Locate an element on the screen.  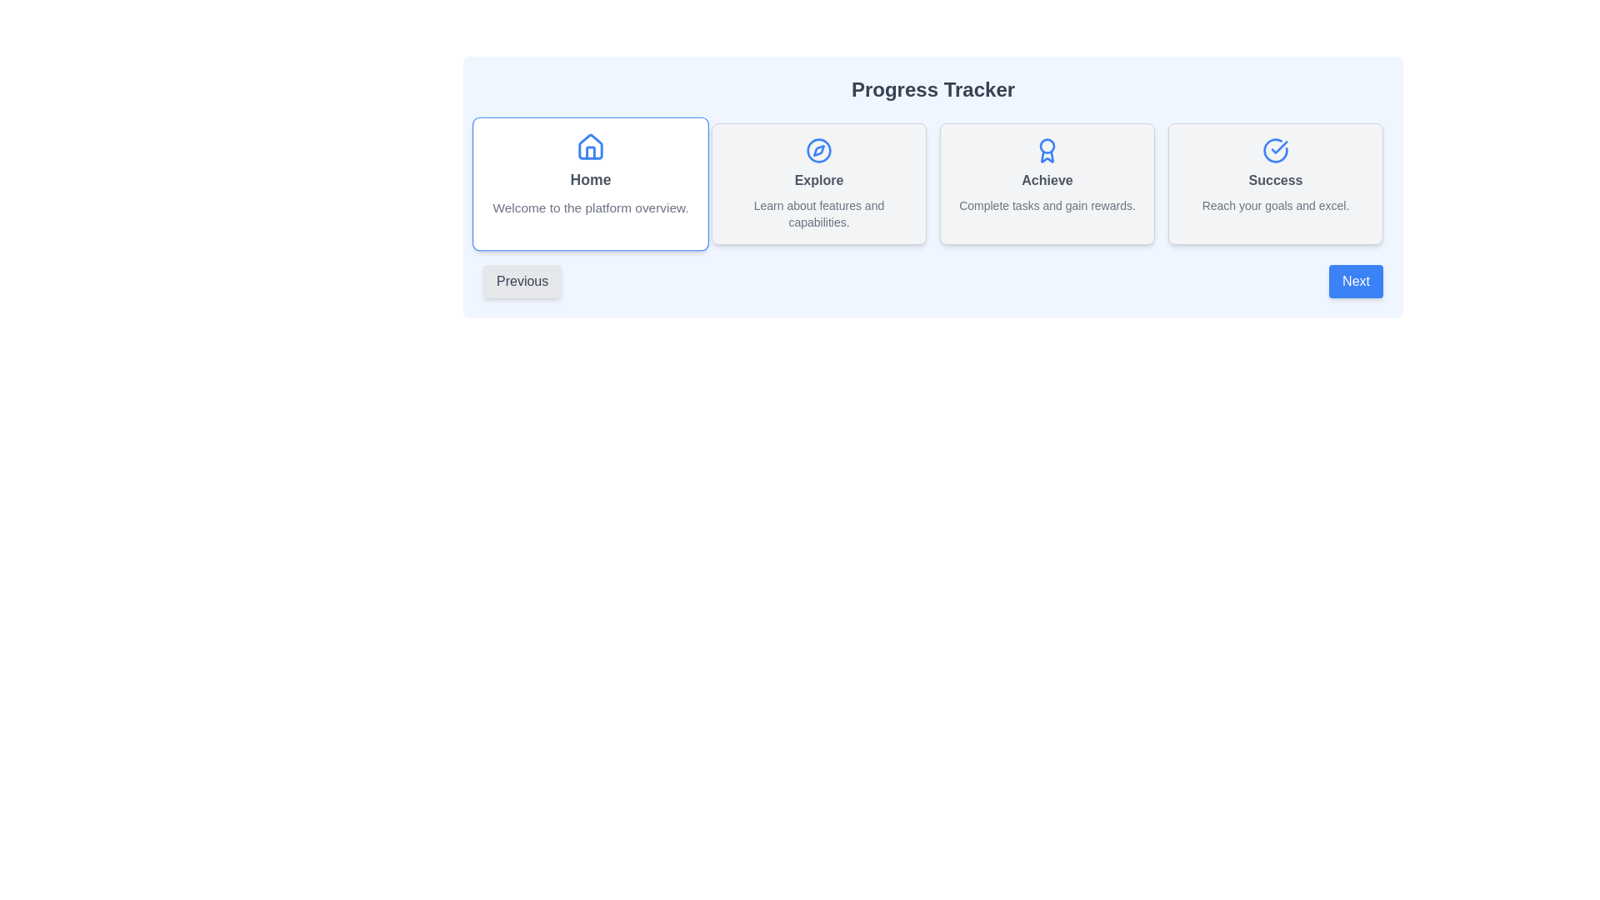
the third Card UI component in the grid layout, which represents the 'Achieve' section is located at coordinates (1047, 183).